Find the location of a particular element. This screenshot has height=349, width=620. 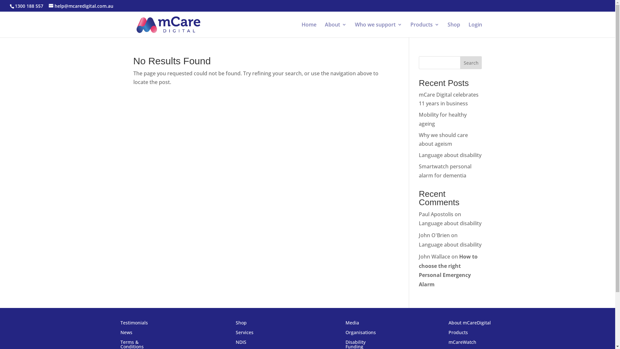

'Home' is located at coordinates (308, 30).